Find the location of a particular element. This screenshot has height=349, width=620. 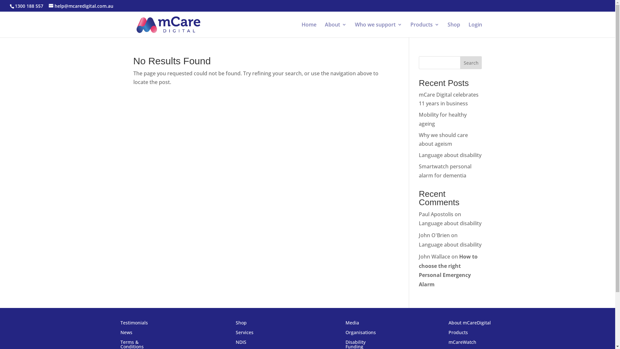

'Home' is located at coordinates (308, 30).